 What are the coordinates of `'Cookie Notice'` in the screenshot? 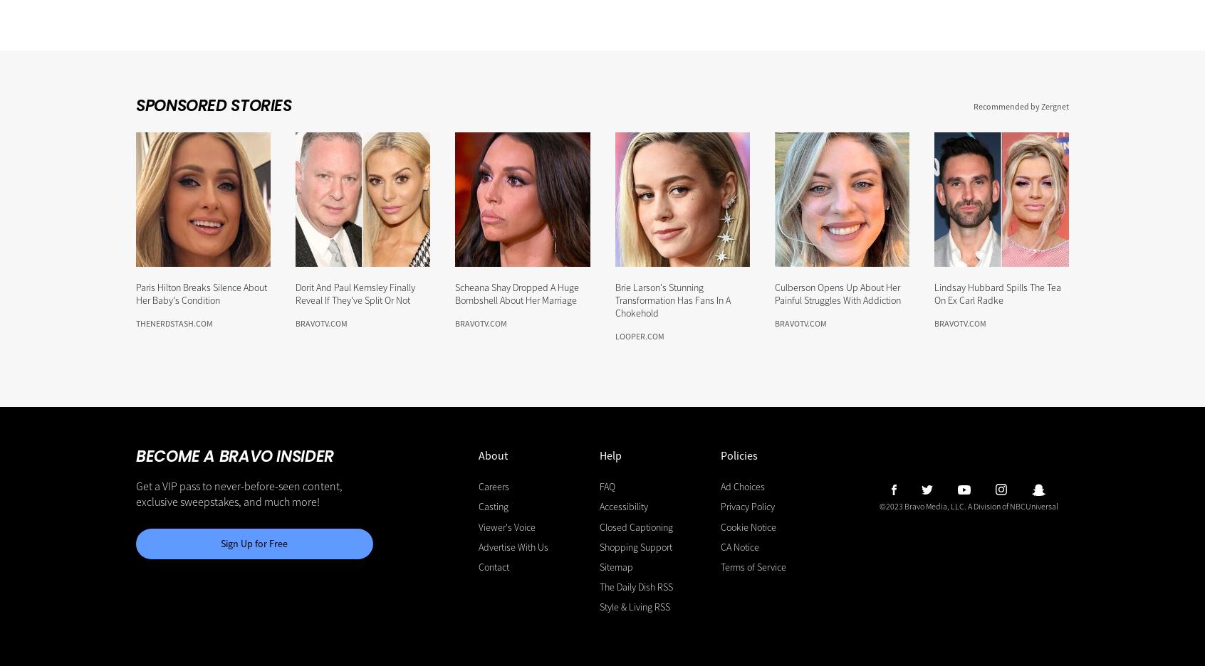 It's located at (719, 526).